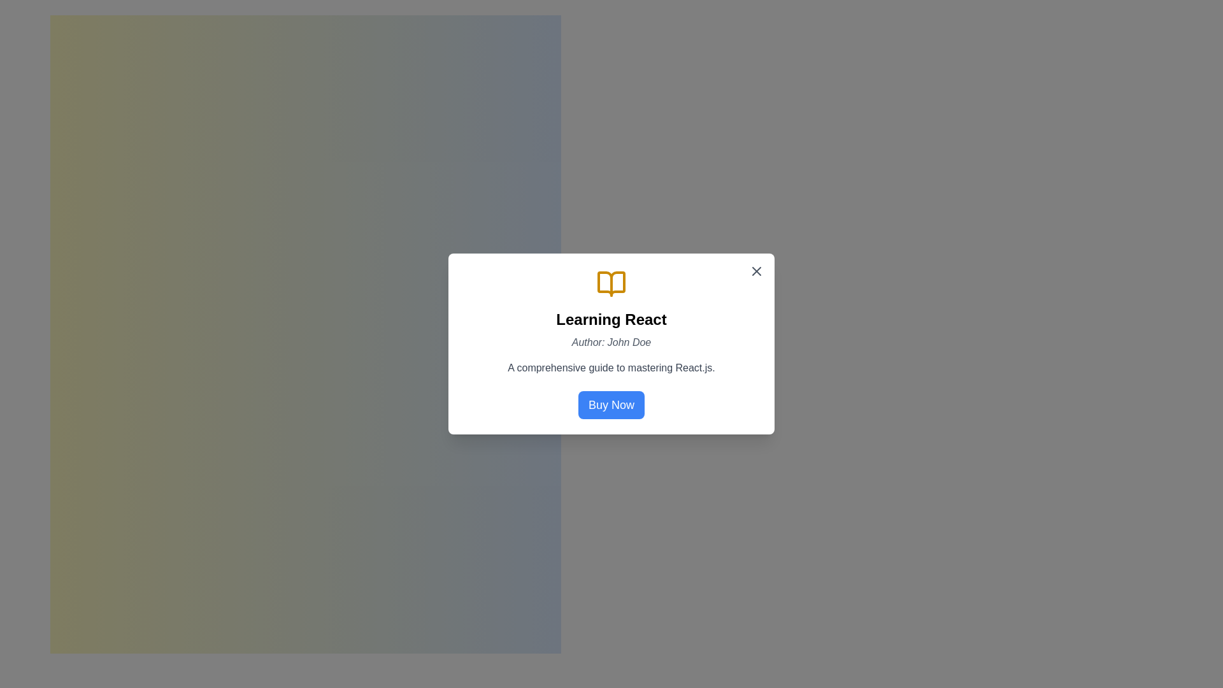 Image resolution: width=1223 pixels, height=688 pixels. I want to click on the description text of the book 'Learning React', which is centrally positioned below 'Author: John Doe' and above the 'Buy Now' button, so click(611, 368).